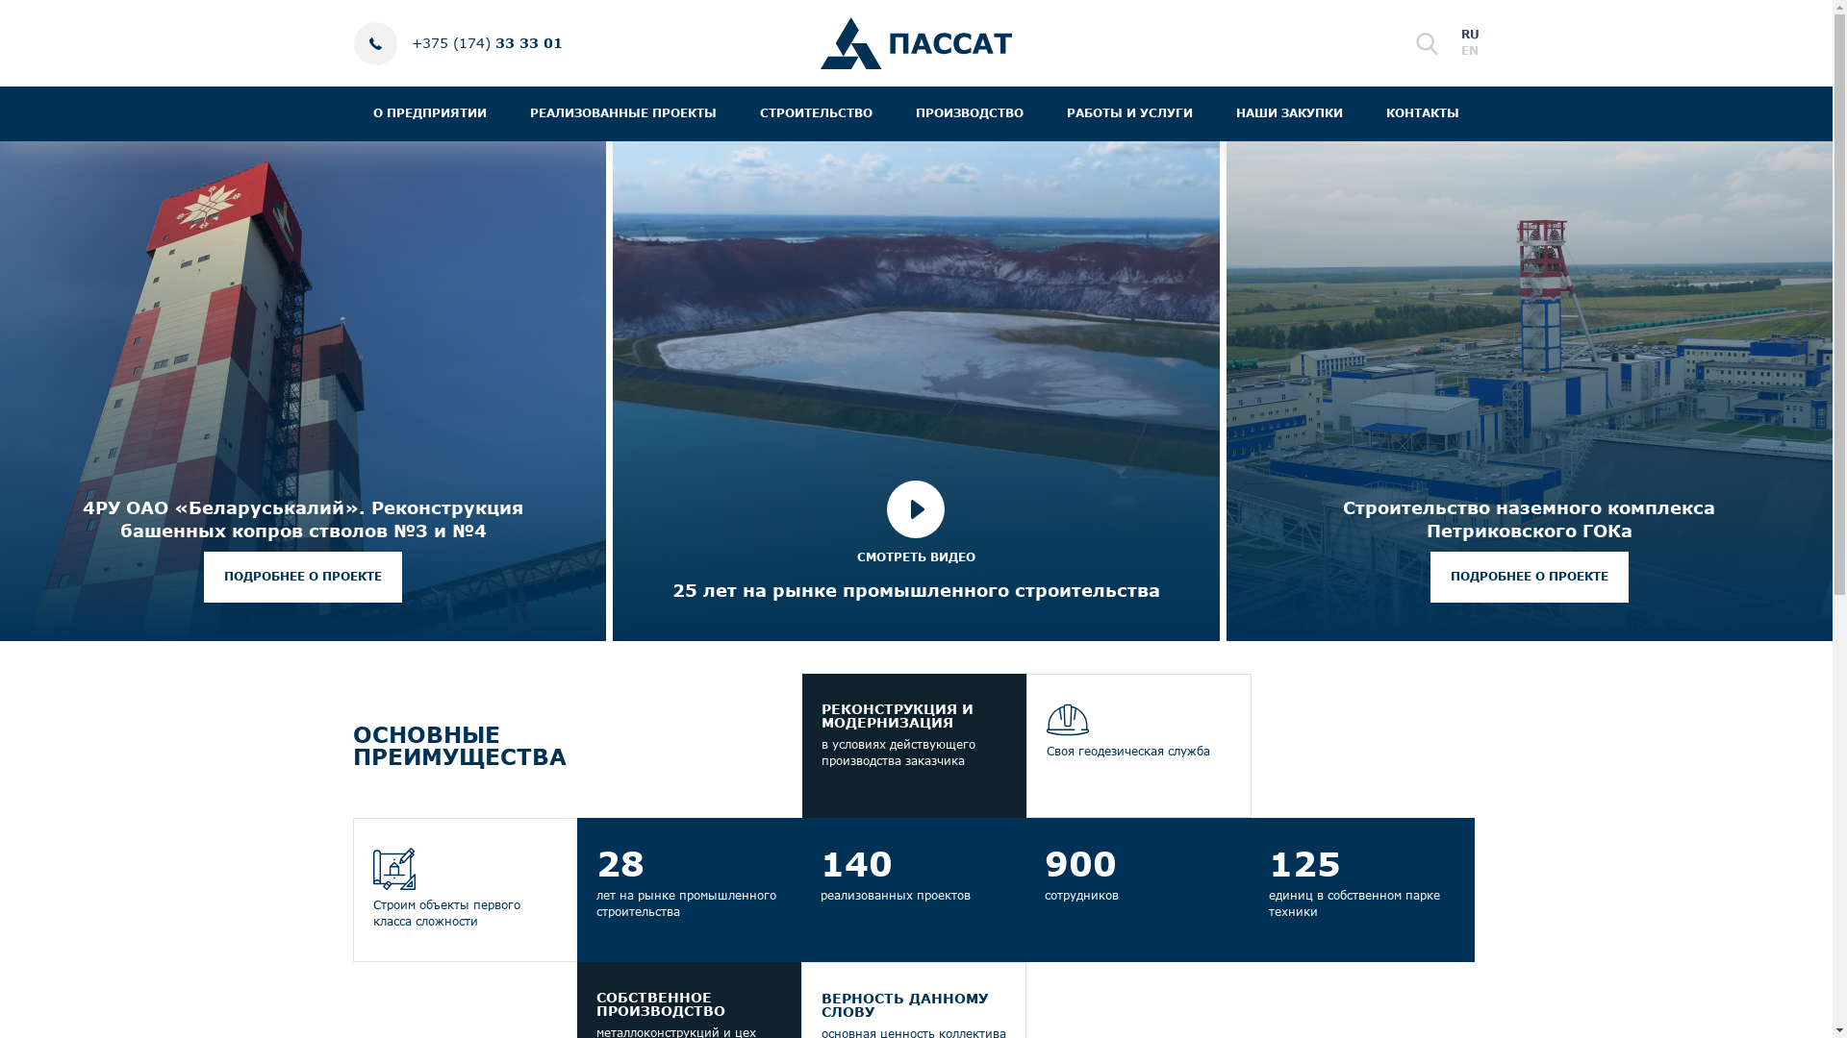  I want to click on 'passatltd.by', so click(819, 43).